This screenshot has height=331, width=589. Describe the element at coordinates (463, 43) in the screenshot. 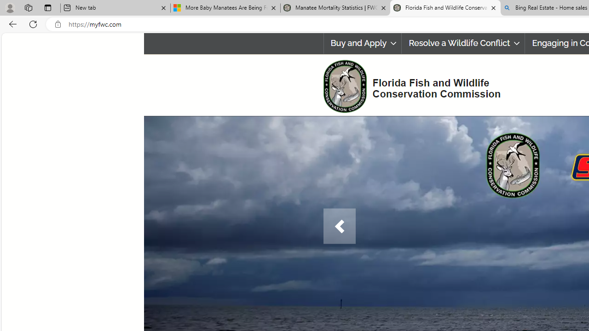

I see `'Resolve a Wildlife Conflict'` at that location.